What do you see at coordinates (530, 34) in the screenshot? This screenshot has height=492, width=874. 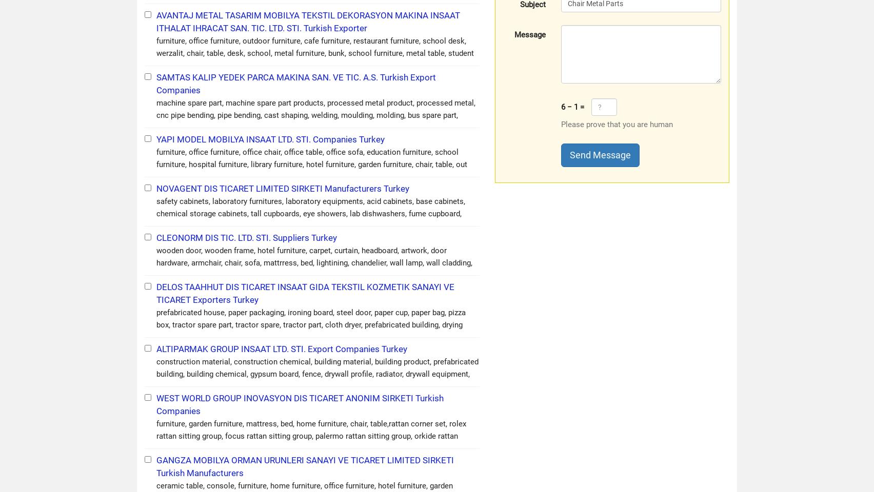 I see `'Message'` at bounding box center [530, 34].